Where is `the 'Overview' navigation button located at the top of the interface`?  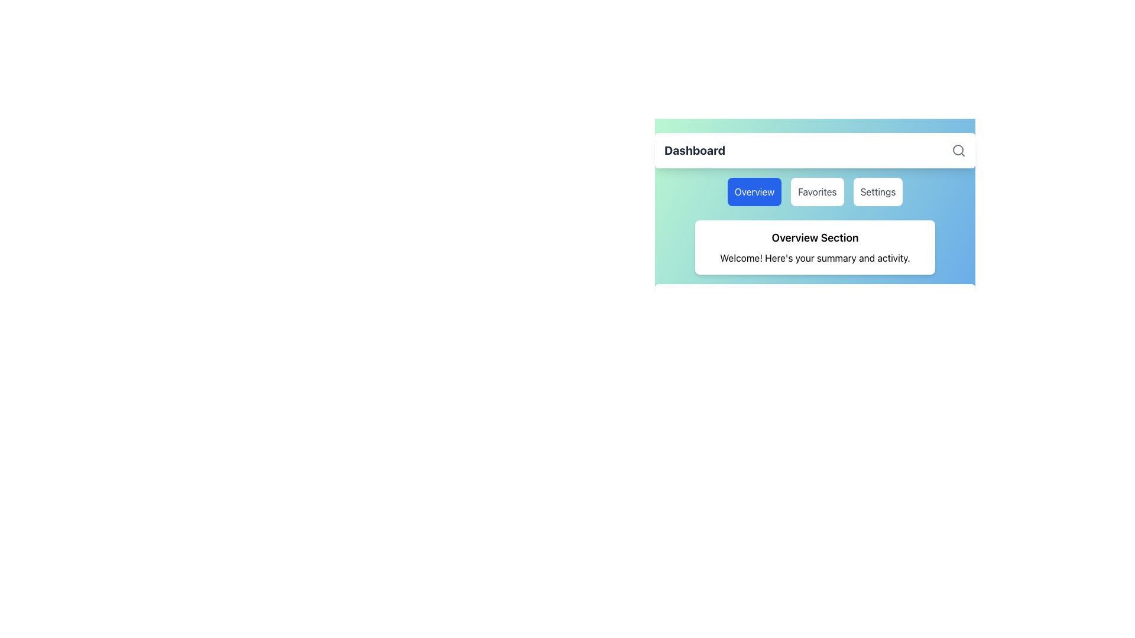
the 'Overview' navigation button located at the top of the interface is located at coordinates (754, 191).